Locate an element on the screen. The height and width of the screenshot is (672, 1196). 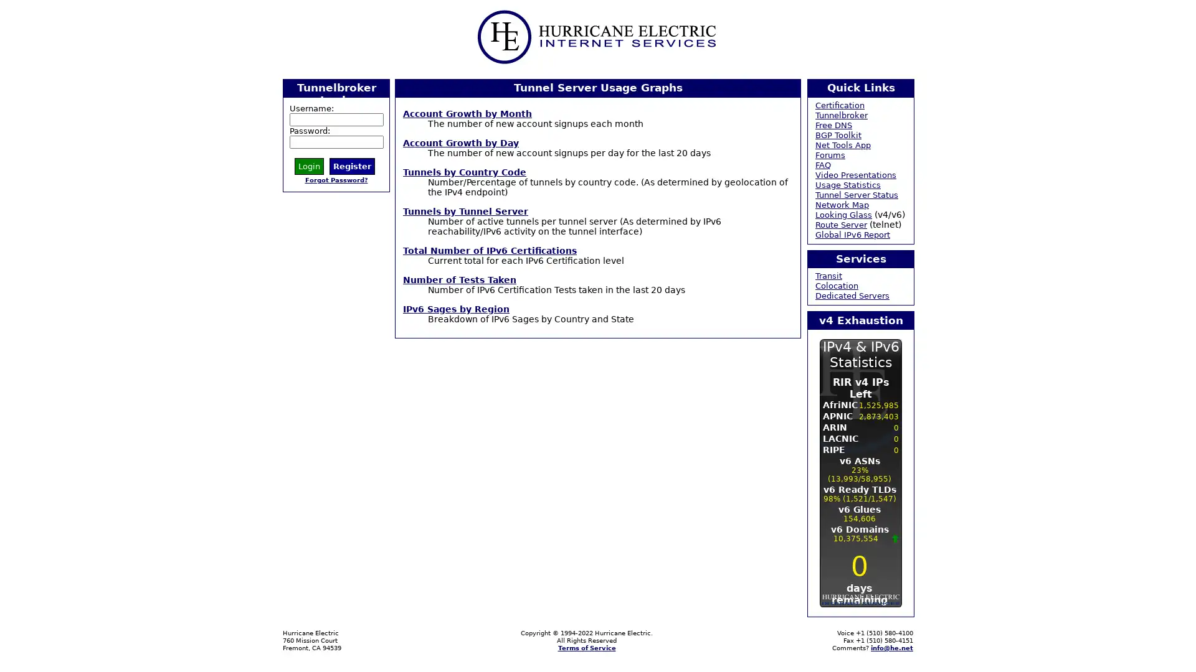
Login is located at coordinates (309, 165).